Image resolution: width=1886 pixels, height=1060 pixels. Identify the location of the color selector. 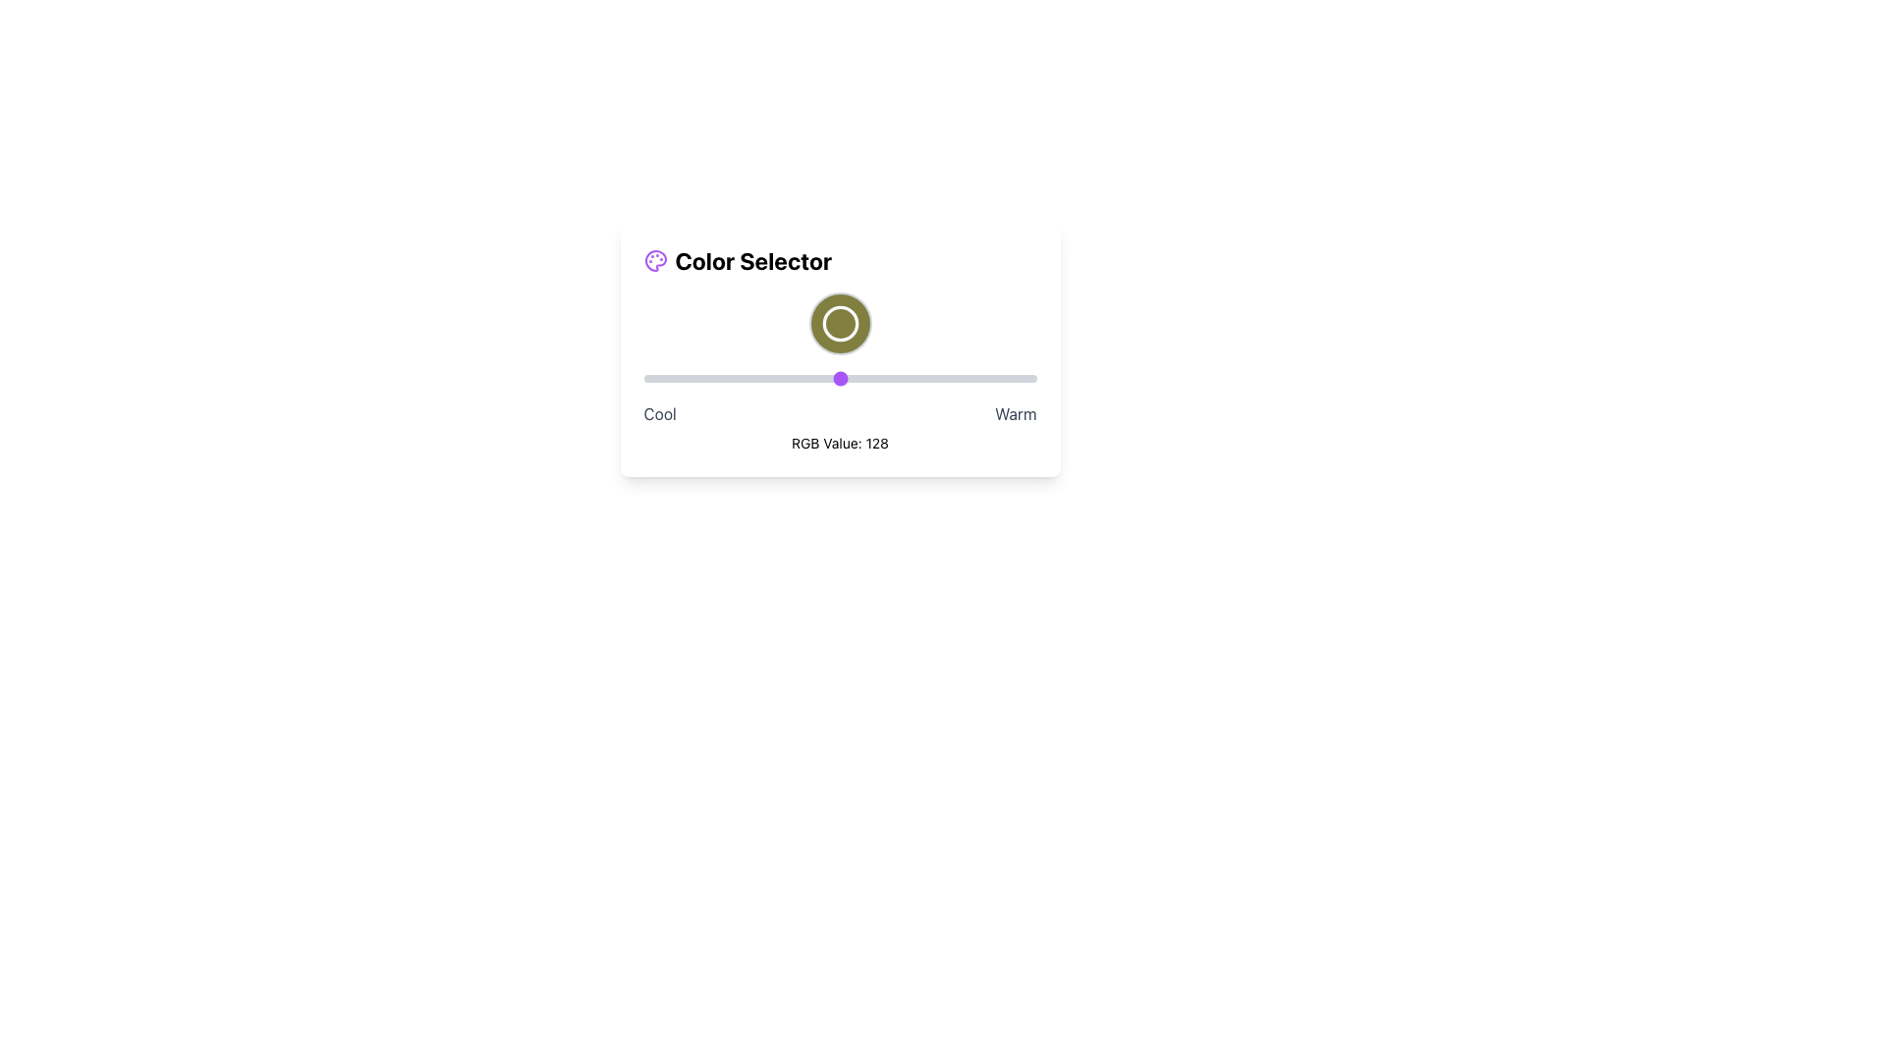
(855, 378).